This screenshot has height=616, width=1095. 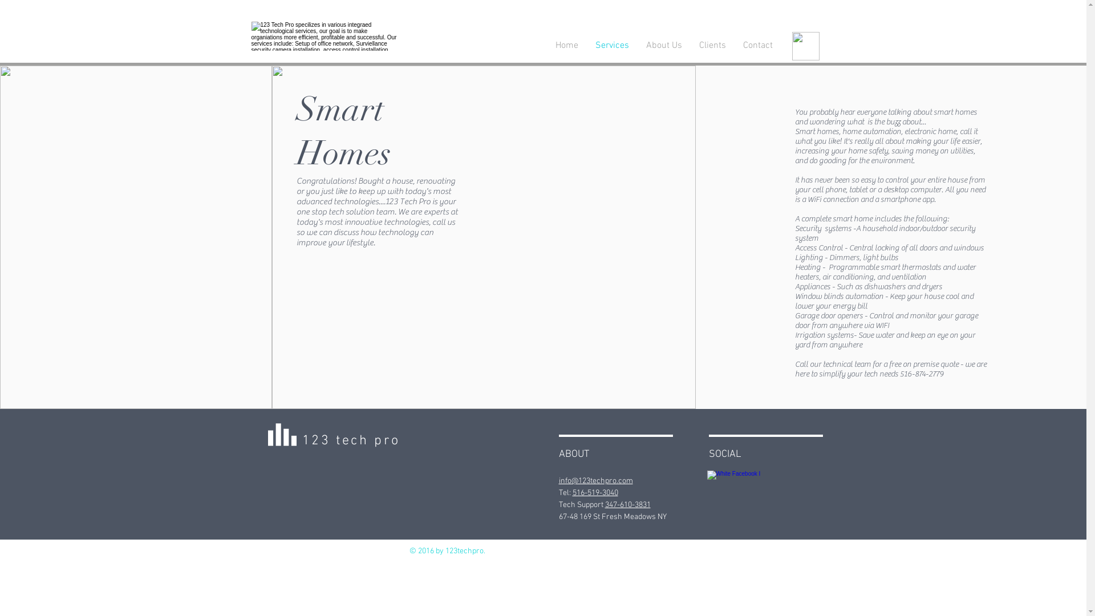 I want to click on 'info@123techpro.com', so click(x=595, y=481).